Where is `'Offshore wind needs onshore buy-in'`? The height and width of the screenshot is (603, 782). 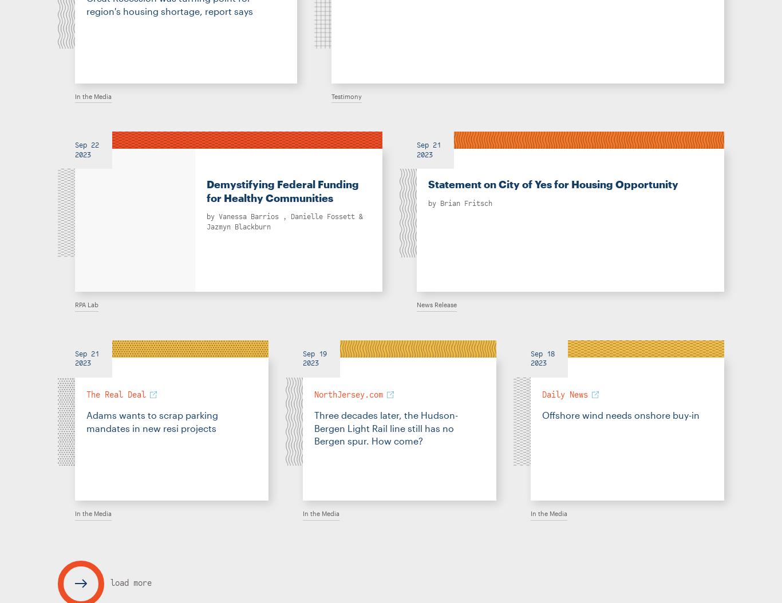 'Offshore wind needs onshore buy-in' is located at coordinates (541, 414).